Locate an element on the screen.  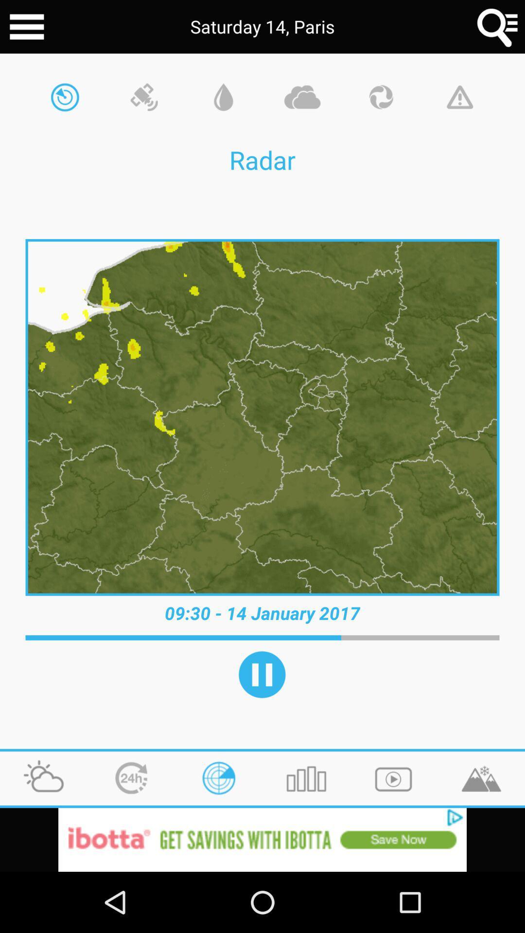
the search icon is located at coordinates (498, 28).